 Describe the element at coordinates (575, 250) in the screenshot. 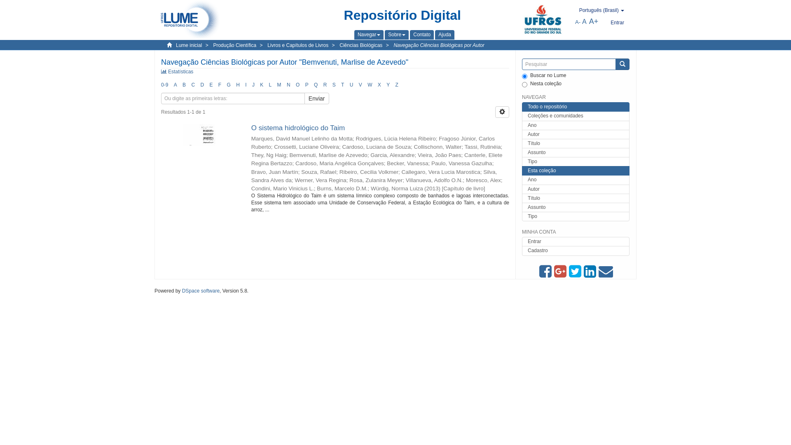

I see `'Cadastro'` at that location.